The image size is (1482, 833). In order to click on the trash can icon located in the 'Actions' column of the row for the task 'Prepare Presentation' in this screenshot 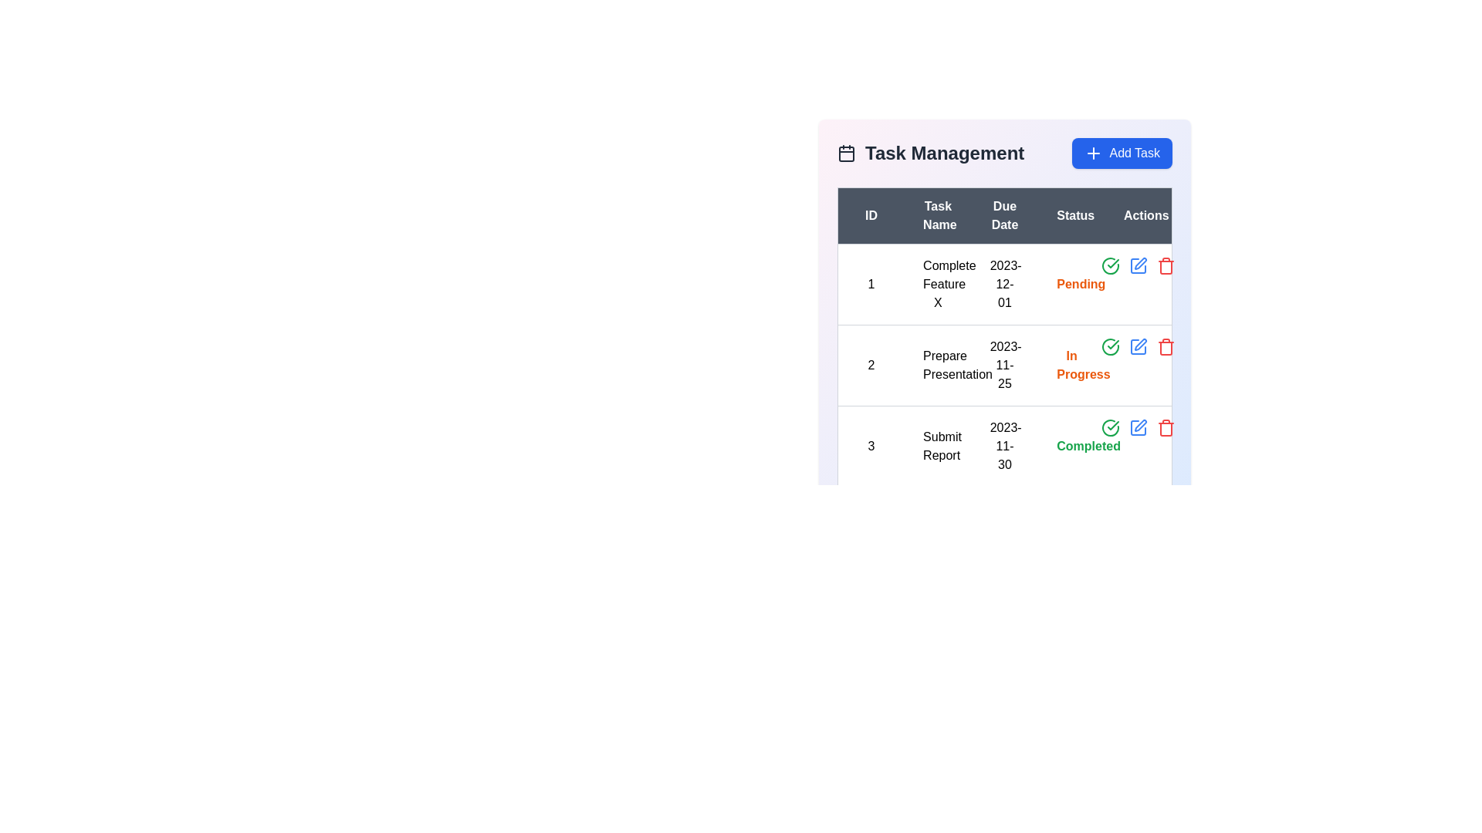, I will do `click(1166, 348)`.